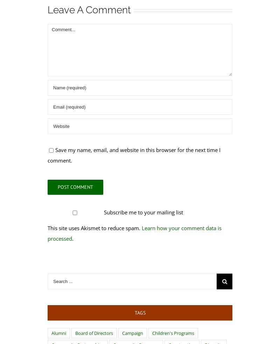 The width and height of the screenshot is (280, 344). What do you see at coordinates (51, 333) in the screenshot?
I see `'Alumni'` at bounding box center [51, 333].